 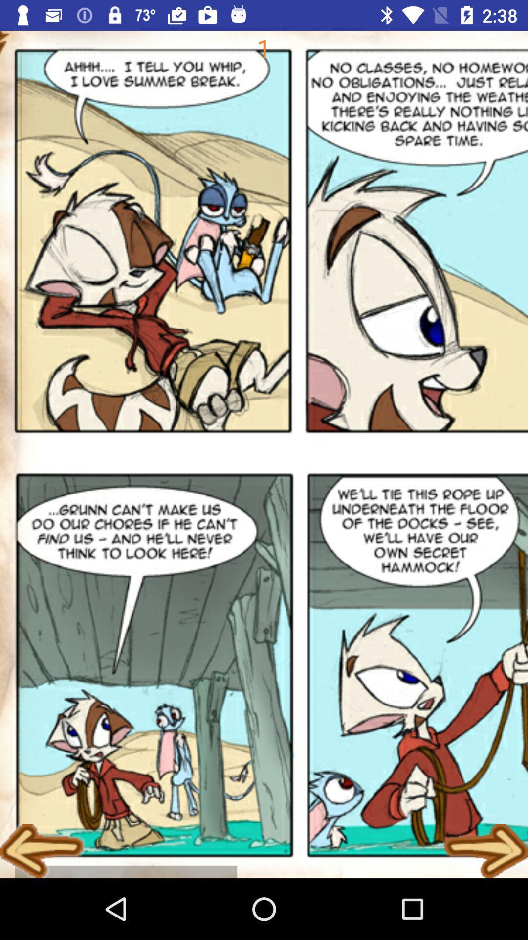 I want to click on the arrow_forward icon, so click(x=485, y=850).